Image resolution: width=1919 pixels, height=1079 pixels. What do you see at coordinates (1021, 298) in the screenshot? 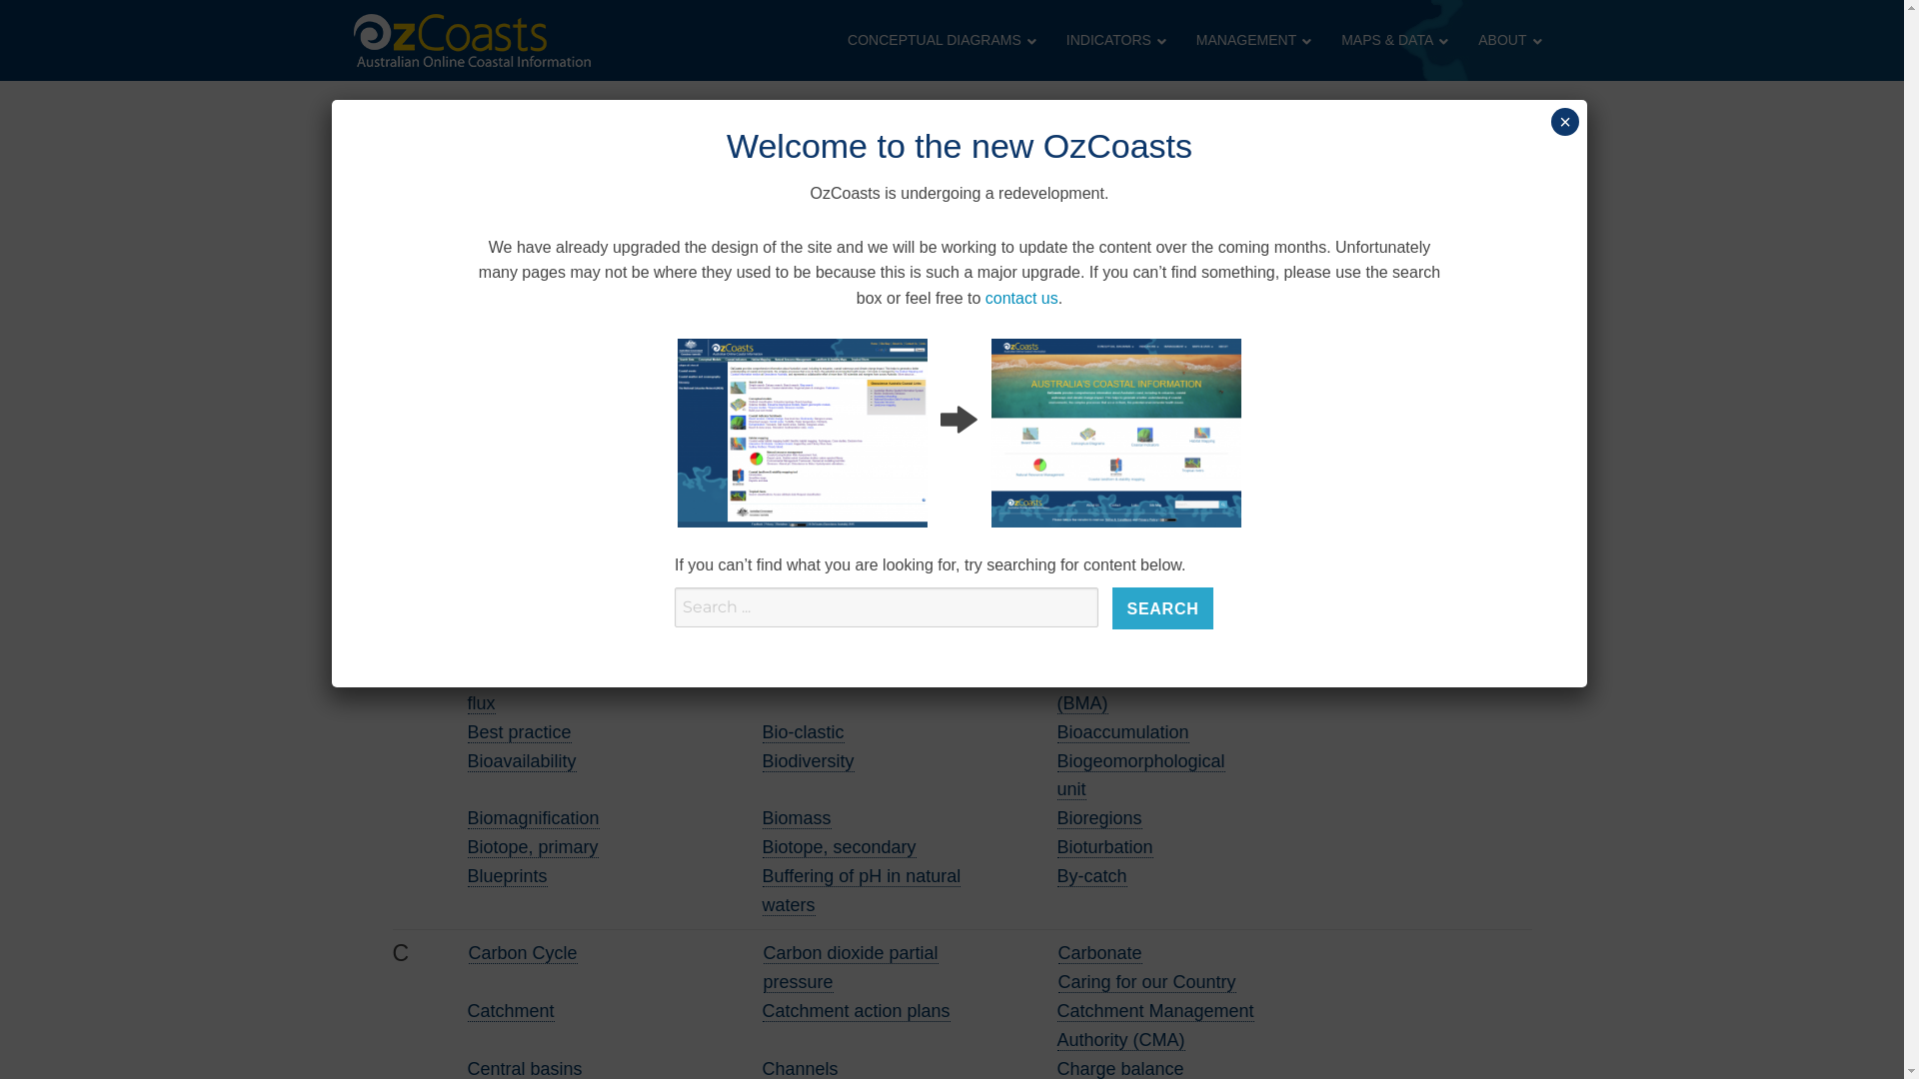
I see `'contact us'` at bounding box center [1021, 298].